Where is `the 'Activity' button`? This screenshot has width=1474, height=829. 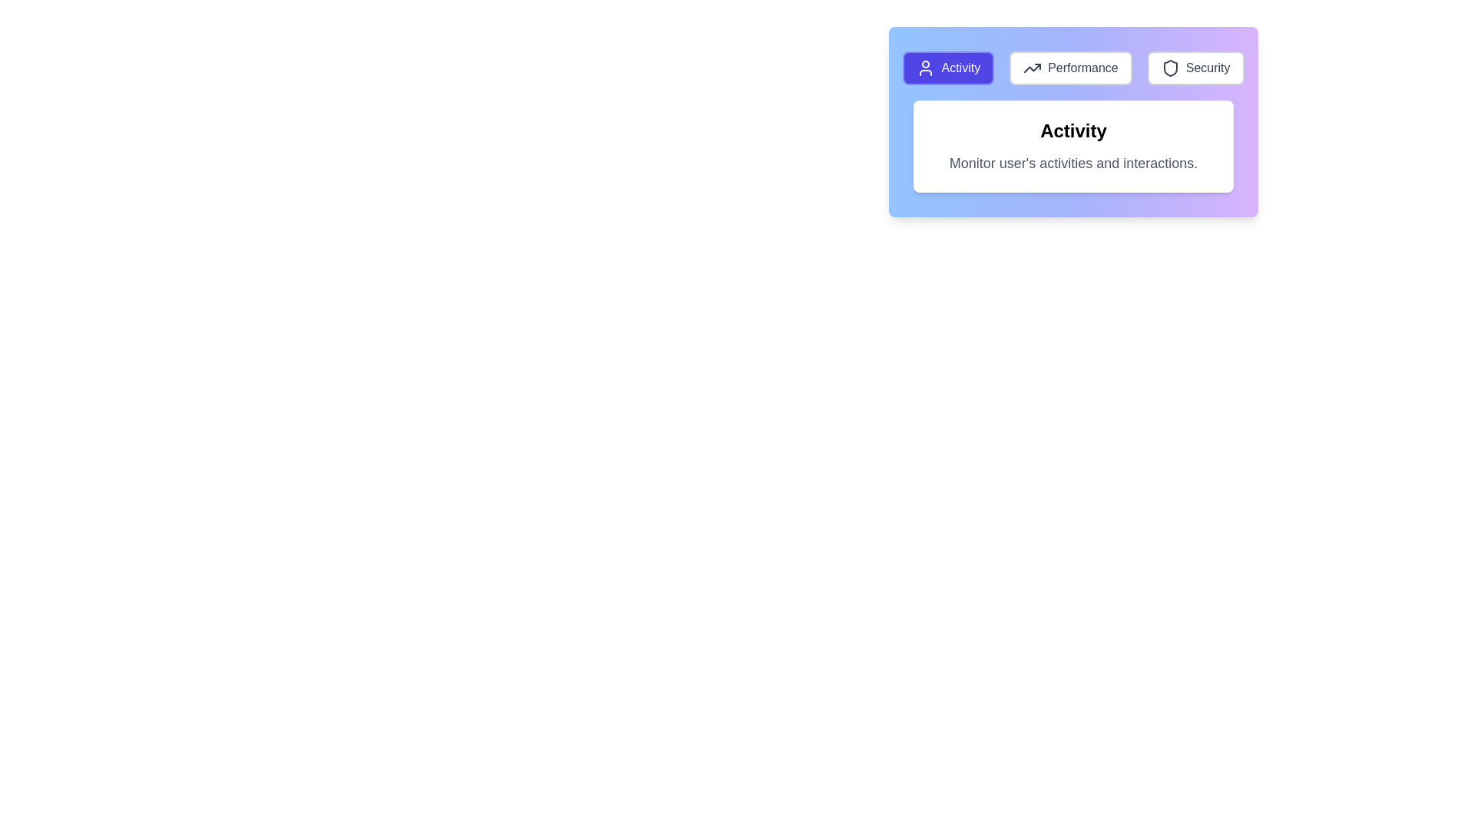
the 'Activity' button is located at coordinates (947, 67).